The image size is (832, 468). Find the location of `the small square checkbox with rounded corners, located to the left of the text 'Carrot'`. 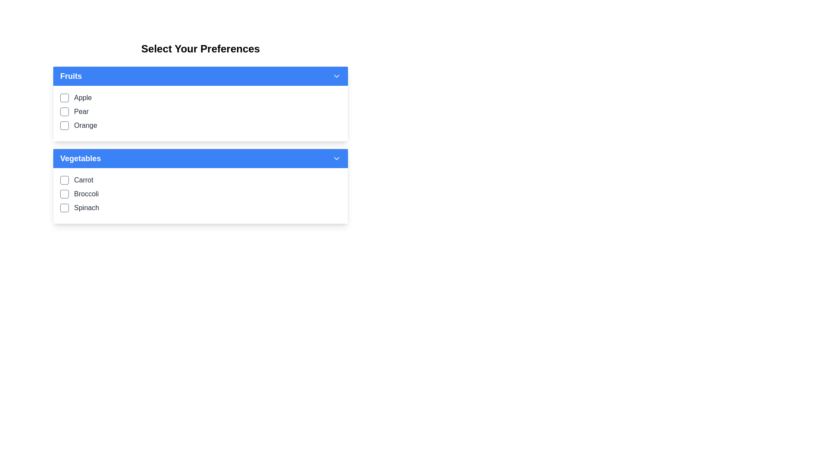

the small square checkbox with rounded corners, located to the left of the text 'Carrot' is located at coordinates (64, 180).